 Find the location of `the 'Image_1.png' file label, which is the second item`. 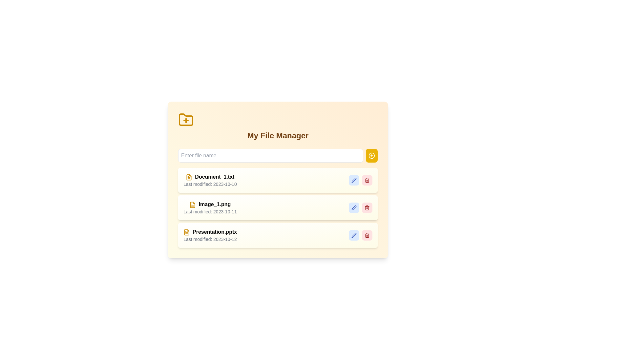

the 'Image_1.png' file label, which is the second item is located at coordinates (215, 204).